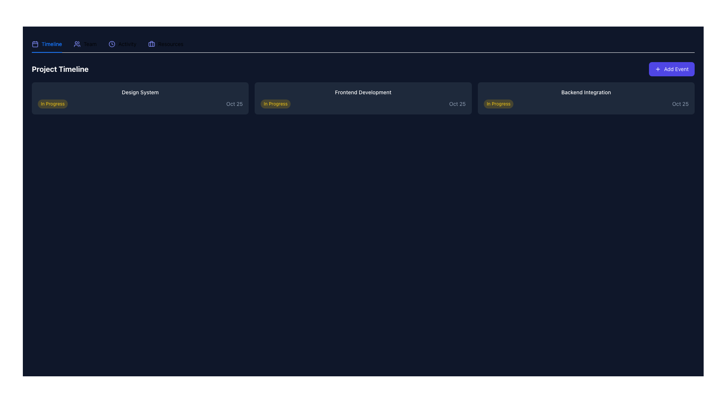 The height and width of the screenshot is (404, 719). What do you see at coordinates (151, 44) in the screenshot?
I see `the small indigo briefcase icon located to the left of the 'Resources' text in the top navigation bar` at bounding box center [151, 44].